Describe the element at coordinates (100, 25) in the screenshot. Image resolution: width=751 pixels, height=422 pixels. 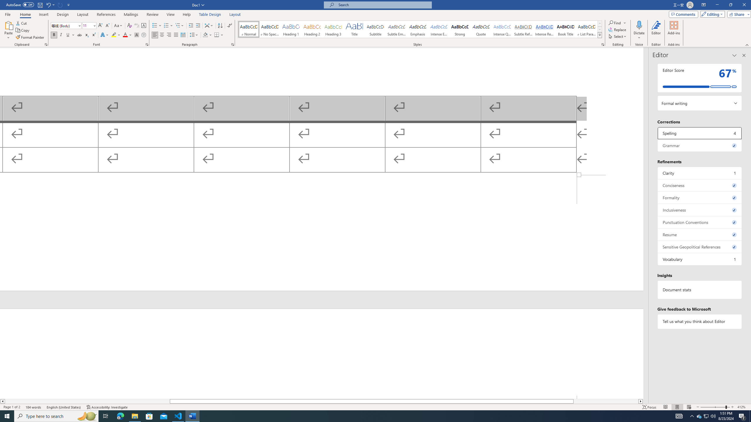
I see `'Grow Font'` at that location.